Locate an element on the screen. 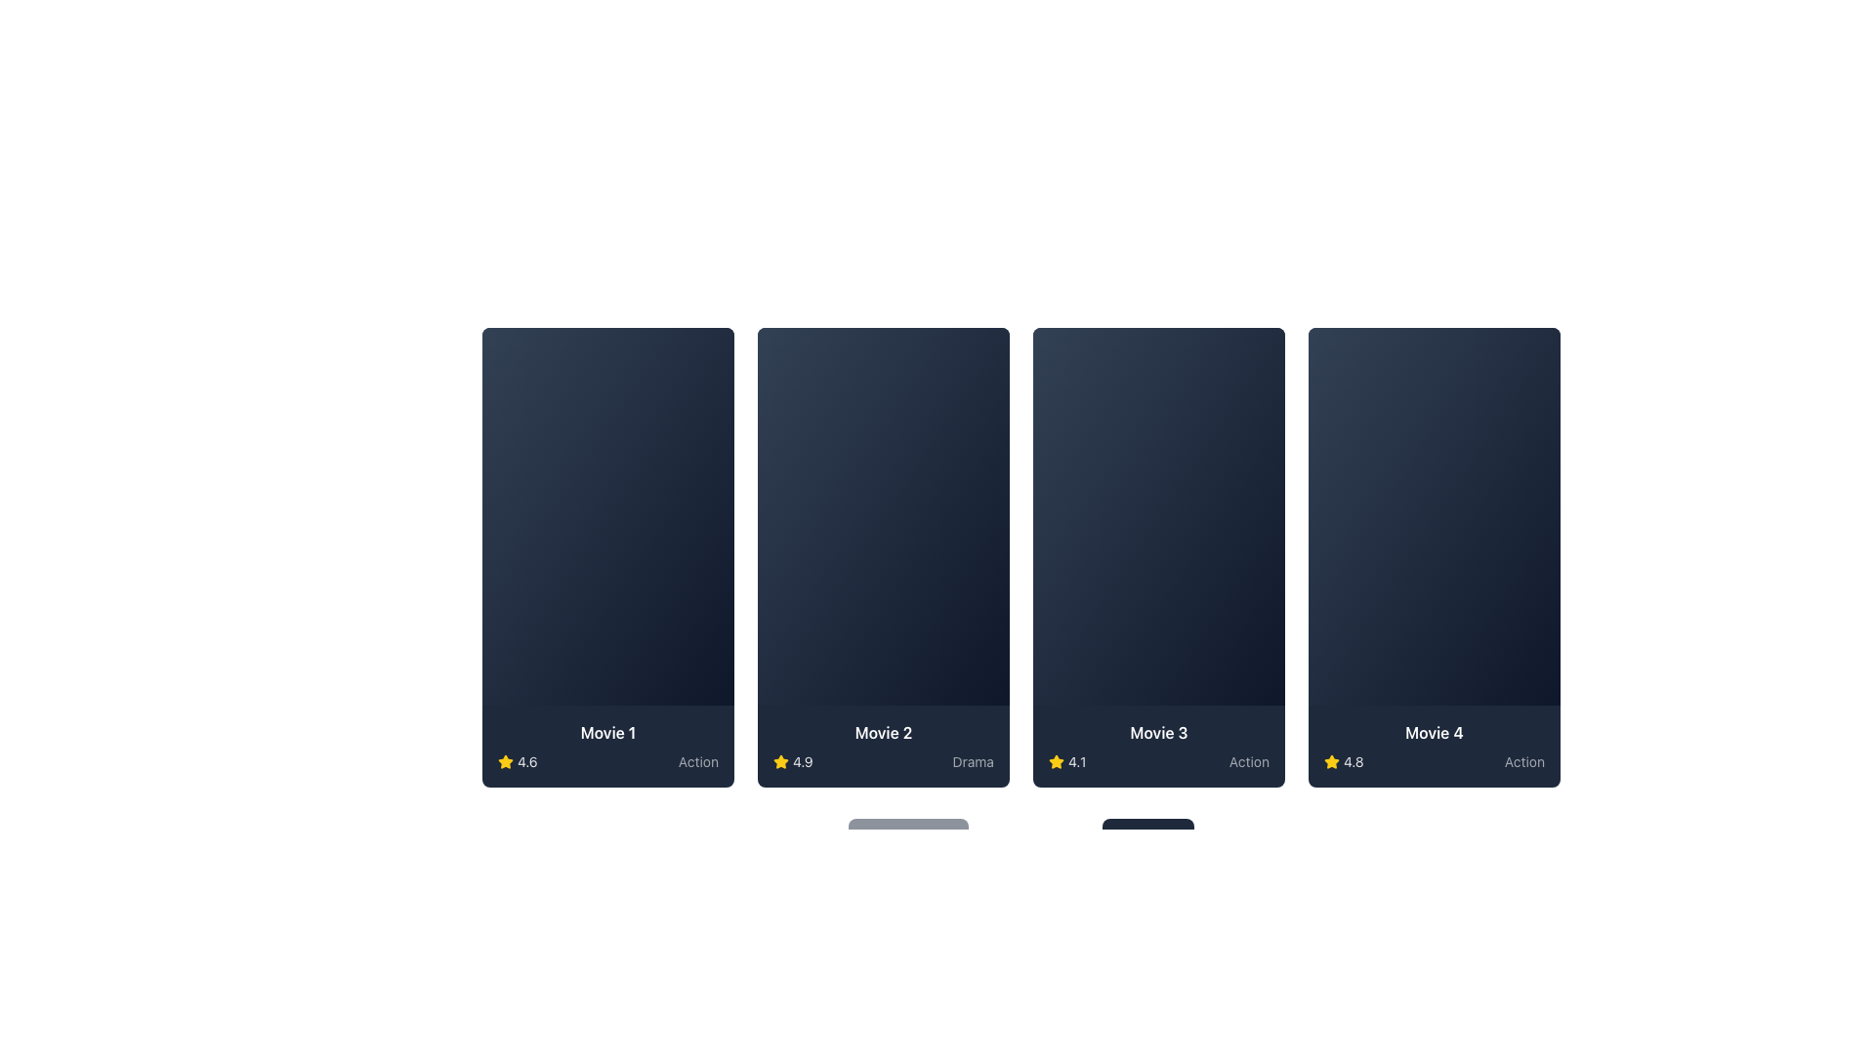 Image resolution: width=1875 pixels, height=1054 pixels. the yellow star icon located in the bottom left corner of the fourth card labeled 'Movie 4' is located at coordinates (1330, 760).